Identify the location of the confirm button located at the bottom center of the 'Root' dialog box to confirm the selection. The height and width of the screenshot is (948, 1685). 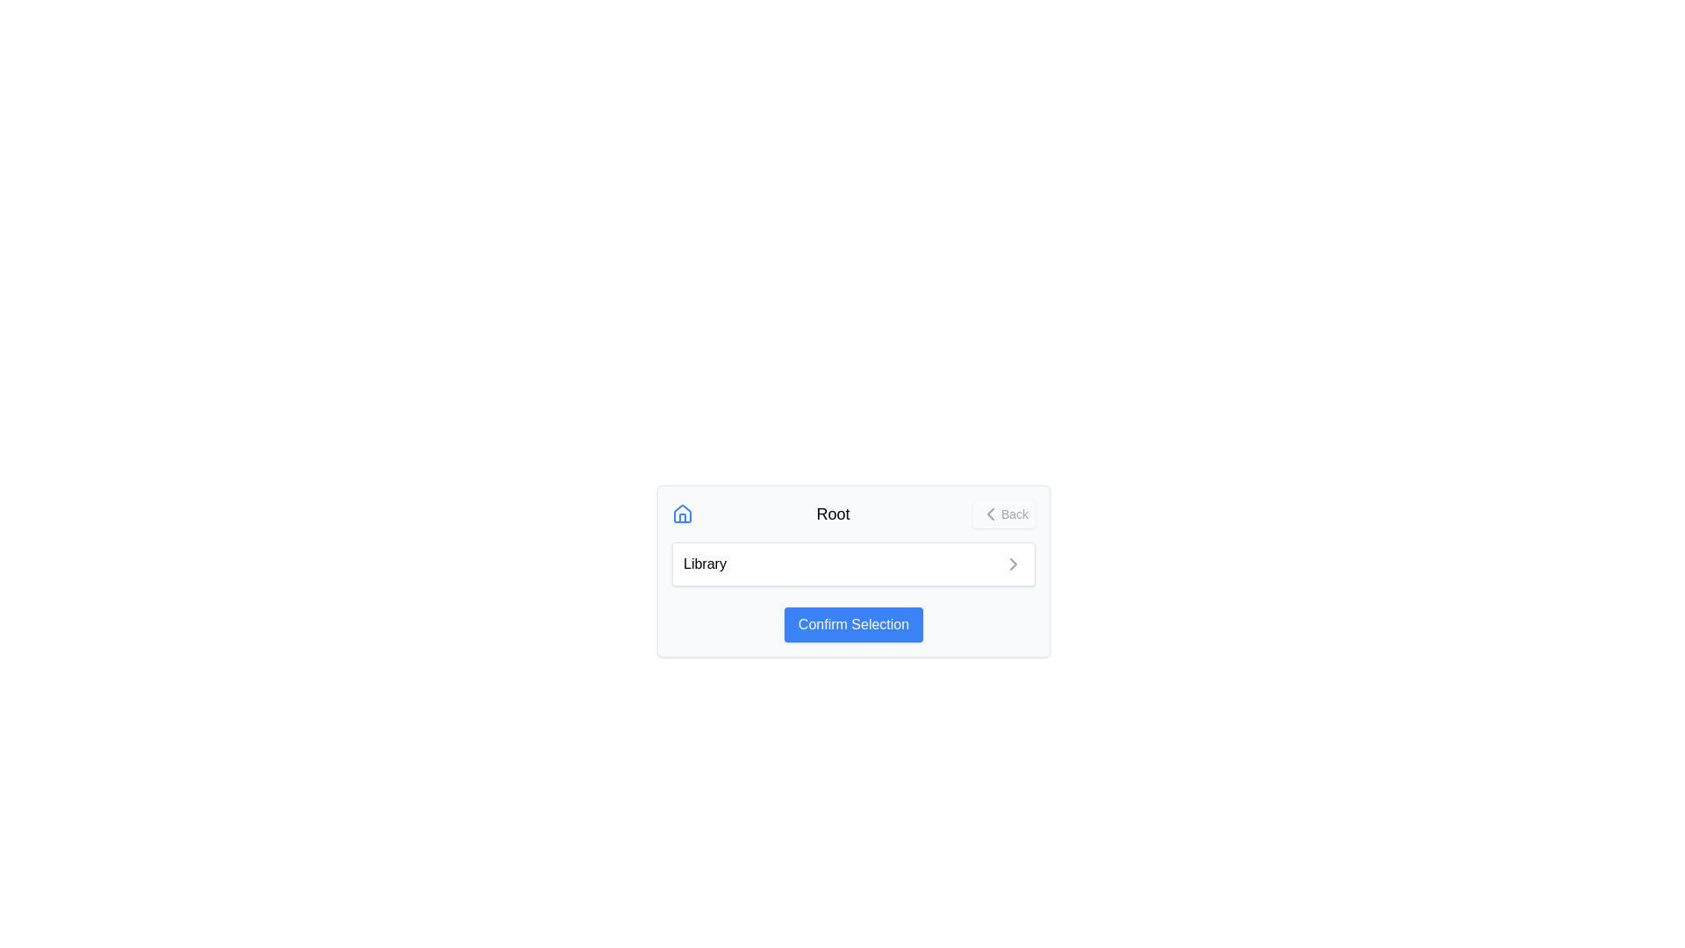
(854, 624).